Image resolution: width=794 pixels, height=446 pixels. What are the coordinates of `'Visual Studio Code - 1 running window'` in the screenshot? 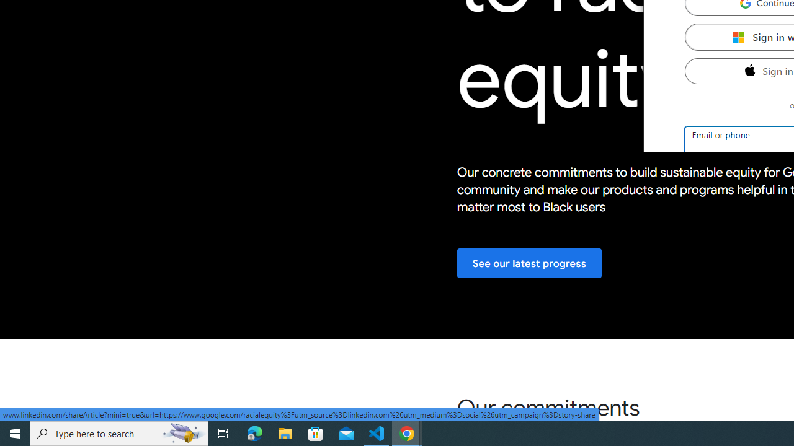 It's located at (376, 432).